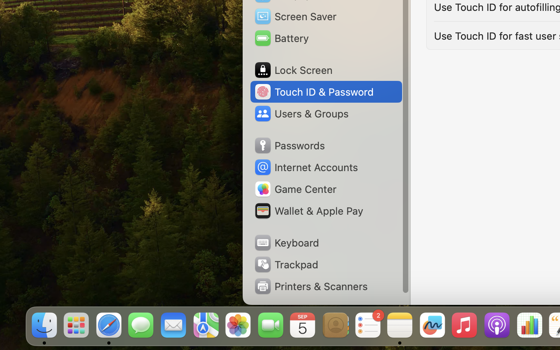  What do you see at coordinates (311, 286) in the screenshot?
I see `'Printers & Scanners'` at bounding box center [311, 286].